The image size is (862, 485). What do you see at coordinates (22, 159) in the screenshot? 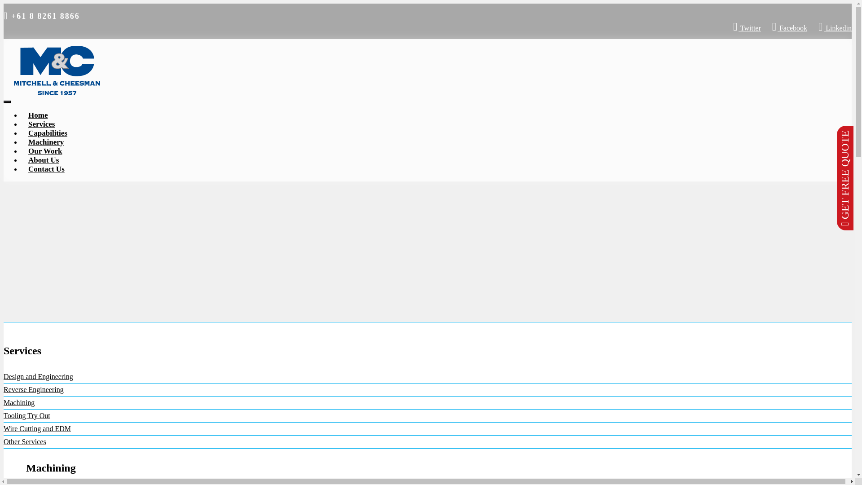
I see `'About Us'` at bounding box center [22, 159].